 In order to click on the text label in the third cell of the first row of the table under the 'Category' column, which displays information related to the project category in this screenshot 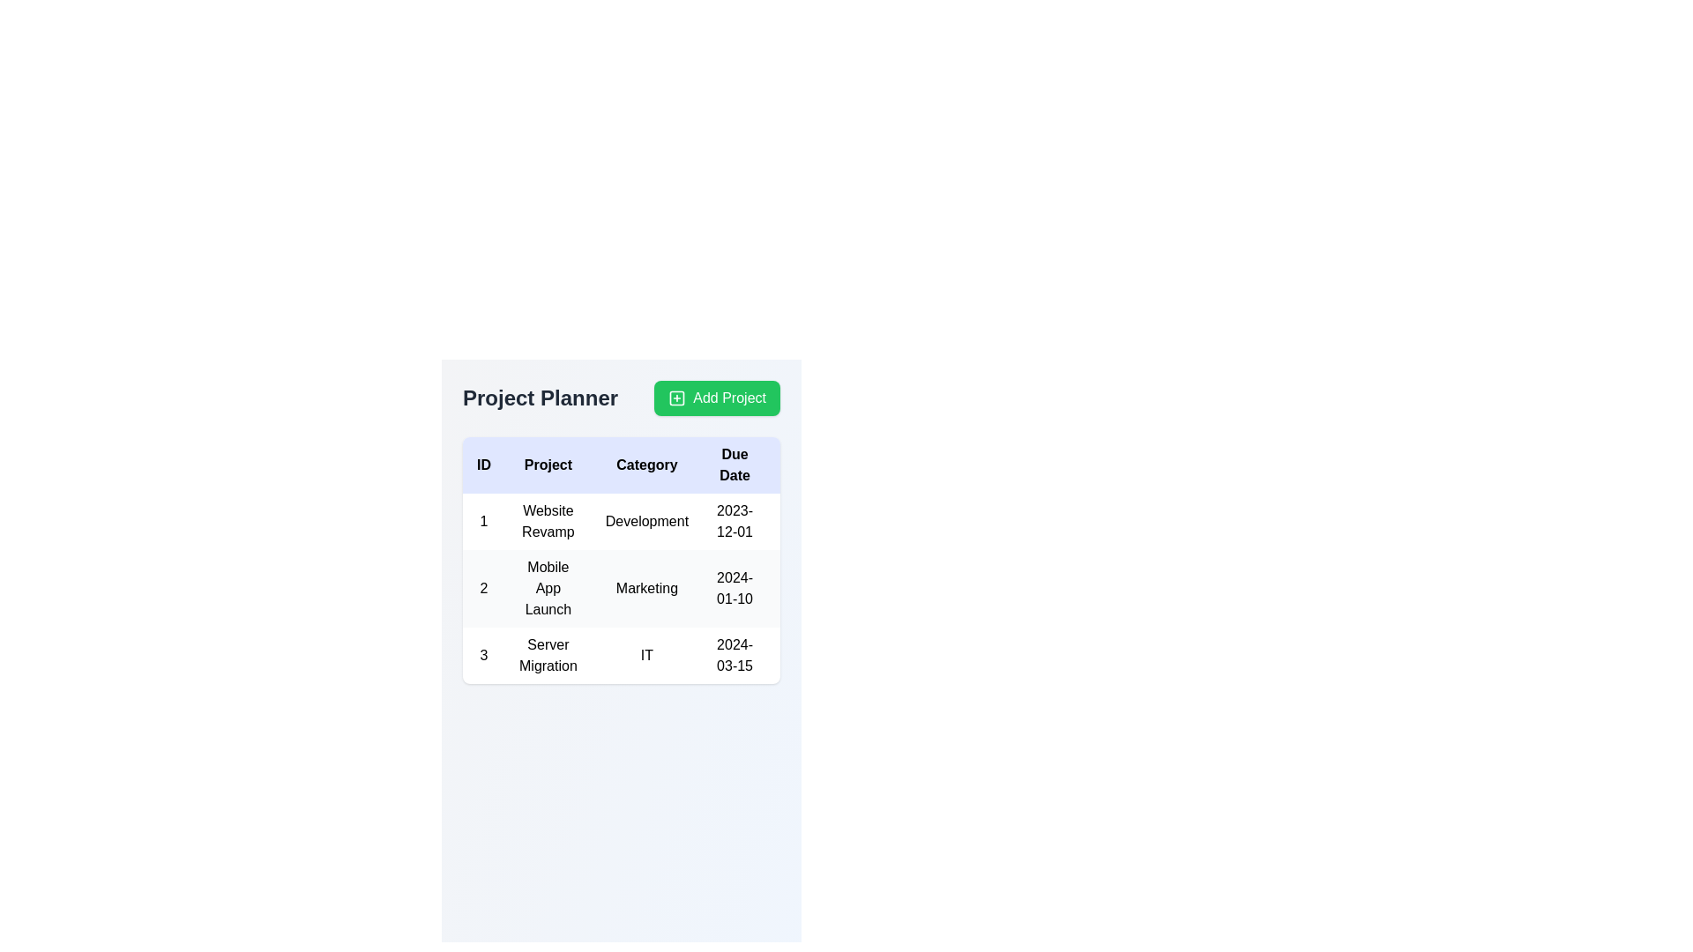, I will do `click(646, 520)`.